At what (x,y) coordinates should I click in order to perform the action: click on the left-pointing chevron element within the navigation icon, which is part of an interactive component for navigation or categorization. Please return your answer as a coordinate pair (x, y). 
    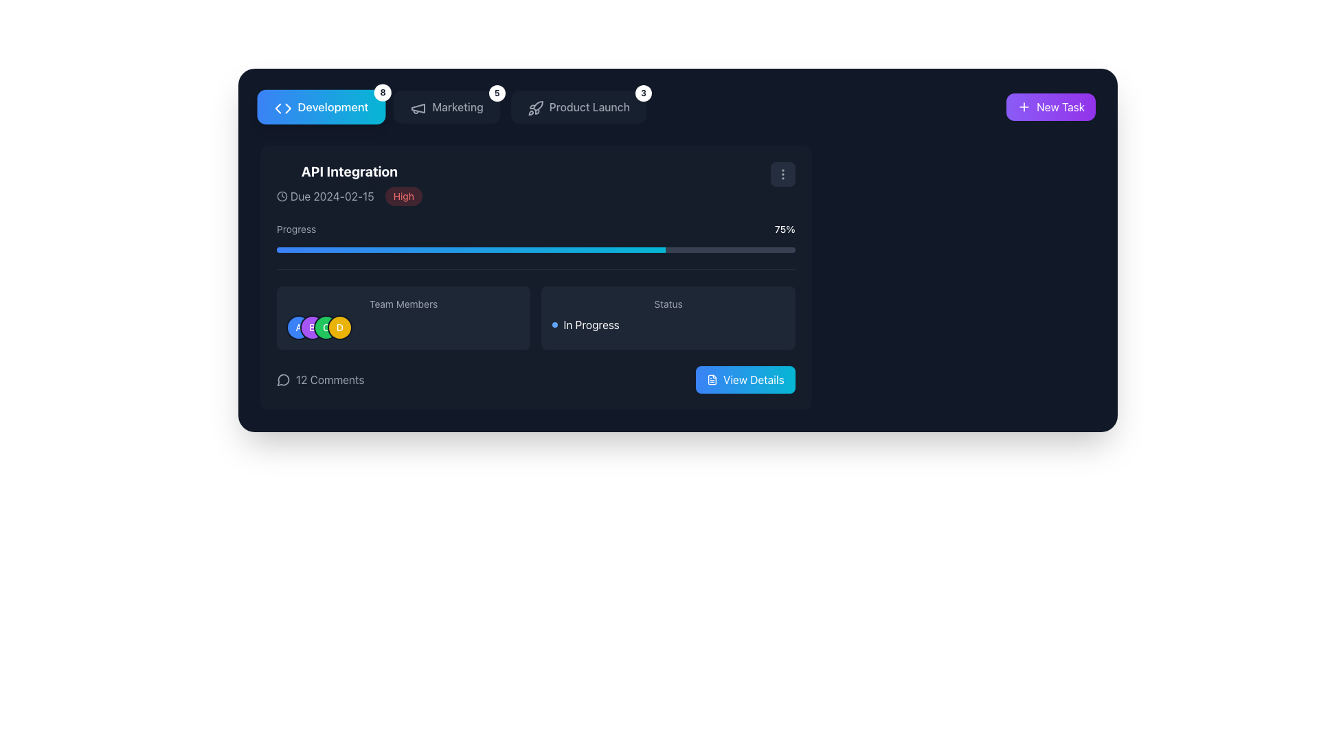
    Looking at the image, I should click on (277, 108).